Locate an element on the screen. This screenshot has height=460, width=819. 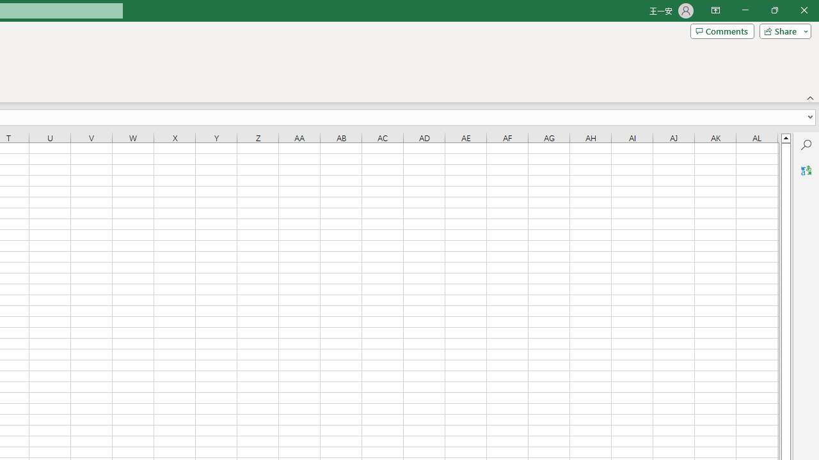
'Search' is located at coordinates (806, 144).